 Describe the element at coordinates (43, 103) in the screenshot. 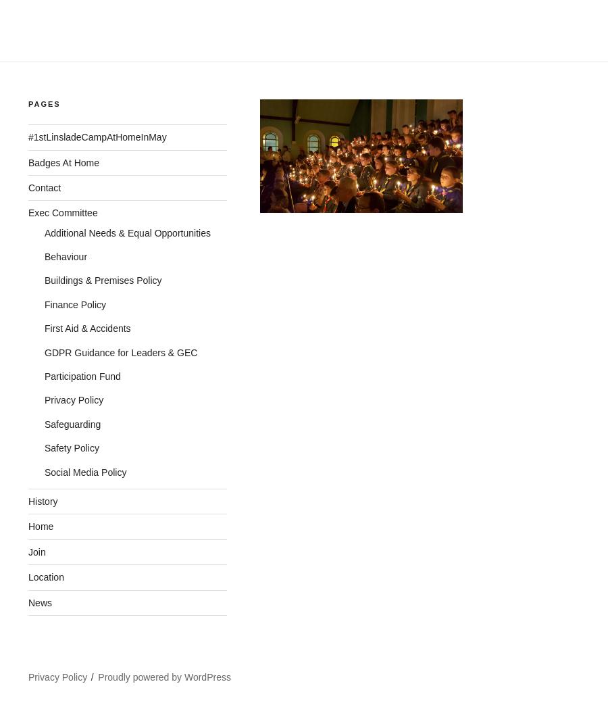

I see `'Pages'` at that location.